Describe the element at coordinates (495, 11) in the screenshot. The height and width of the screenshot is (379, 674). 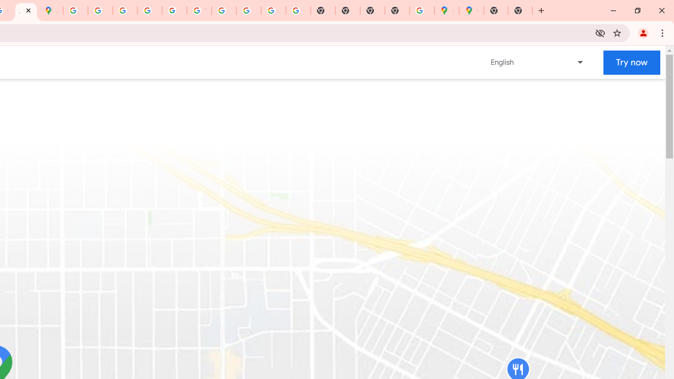
I see `'New Tab'` at that location.